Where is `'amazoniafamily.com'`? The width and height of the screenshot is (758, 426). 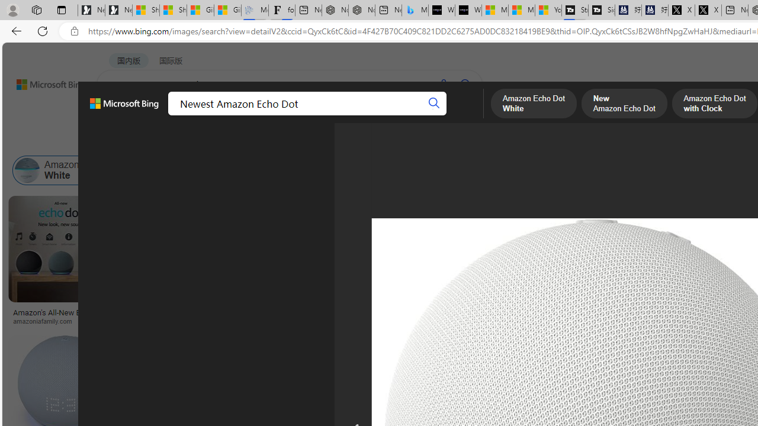 'amazoniafamily.com' is located at coordinates (46, 321).